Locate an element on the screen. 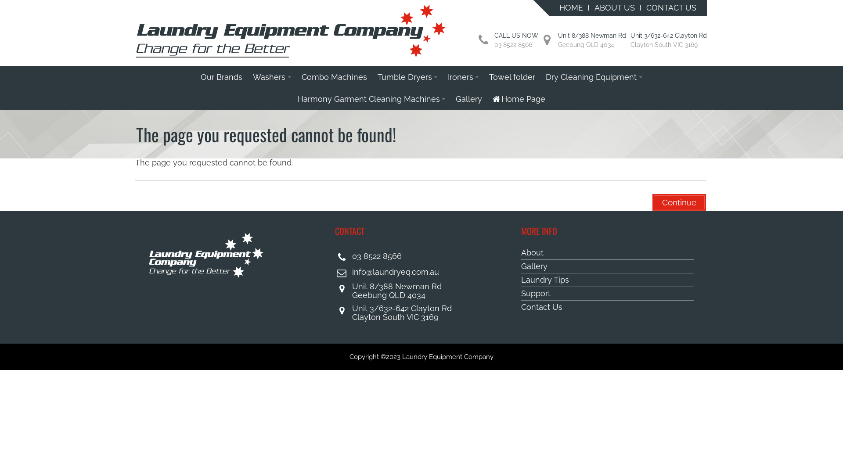 Image resolution: width=843 pixels, height=474 pixels. 'Towel folder' is located at coordinates (483, 77).